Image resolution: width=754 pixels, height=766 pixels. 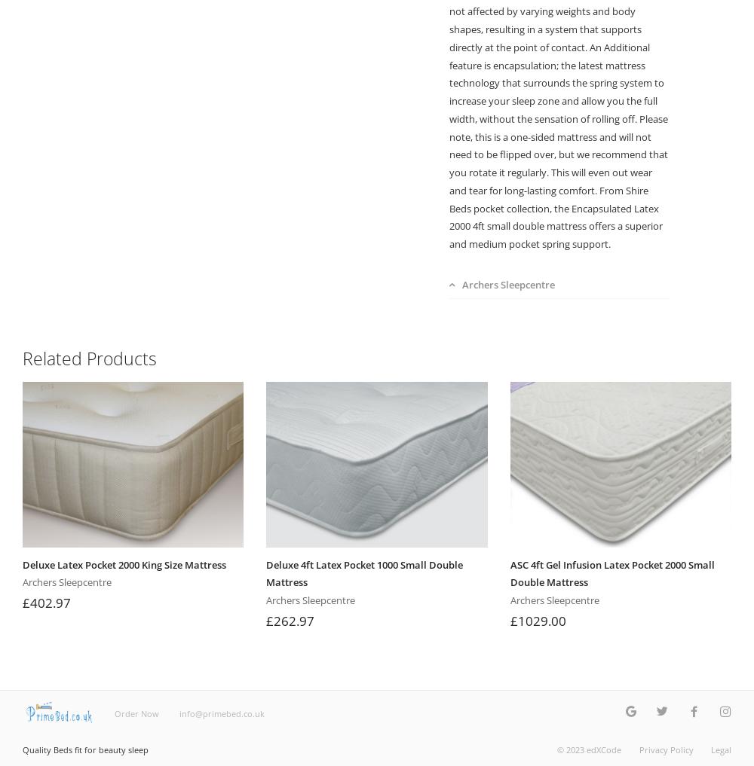 I want to click on '£1029.00', so click(x=537, y=618).